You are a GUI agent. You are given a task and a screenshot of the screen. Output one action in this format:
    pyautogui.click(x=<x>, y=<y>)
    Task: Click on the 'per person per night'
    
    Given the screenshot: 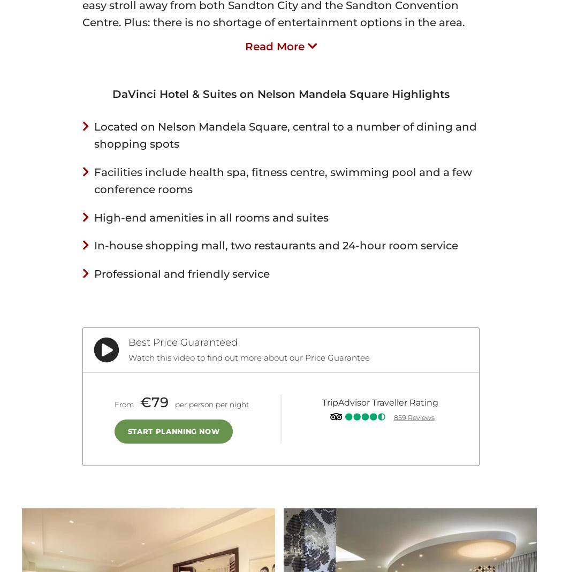 What is the action you would take?
    pyautogui.click(x=210, y=404)
    